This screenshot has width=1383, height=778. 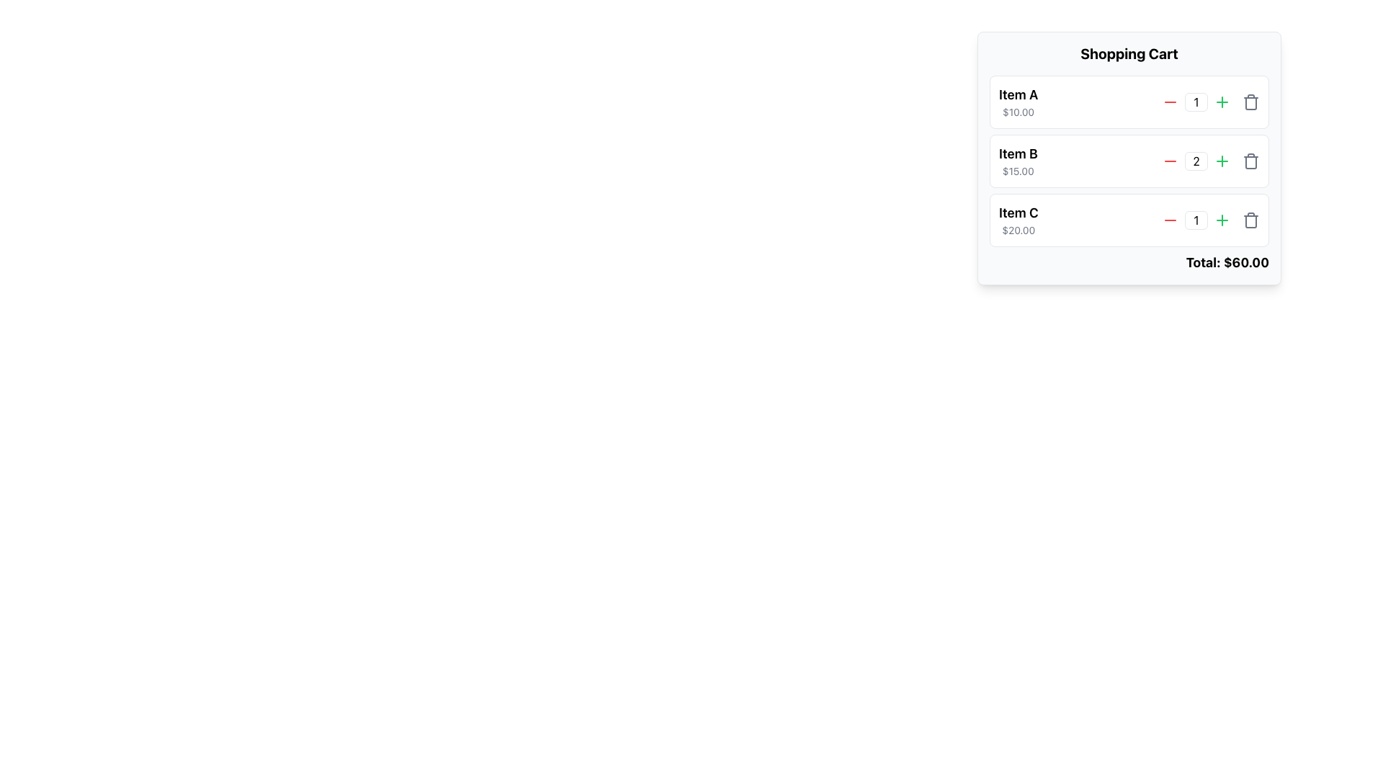 I want to click on the green plus icon button used for incrementing a quantity in the shopping cart interface, so click(x=1222, y=161).